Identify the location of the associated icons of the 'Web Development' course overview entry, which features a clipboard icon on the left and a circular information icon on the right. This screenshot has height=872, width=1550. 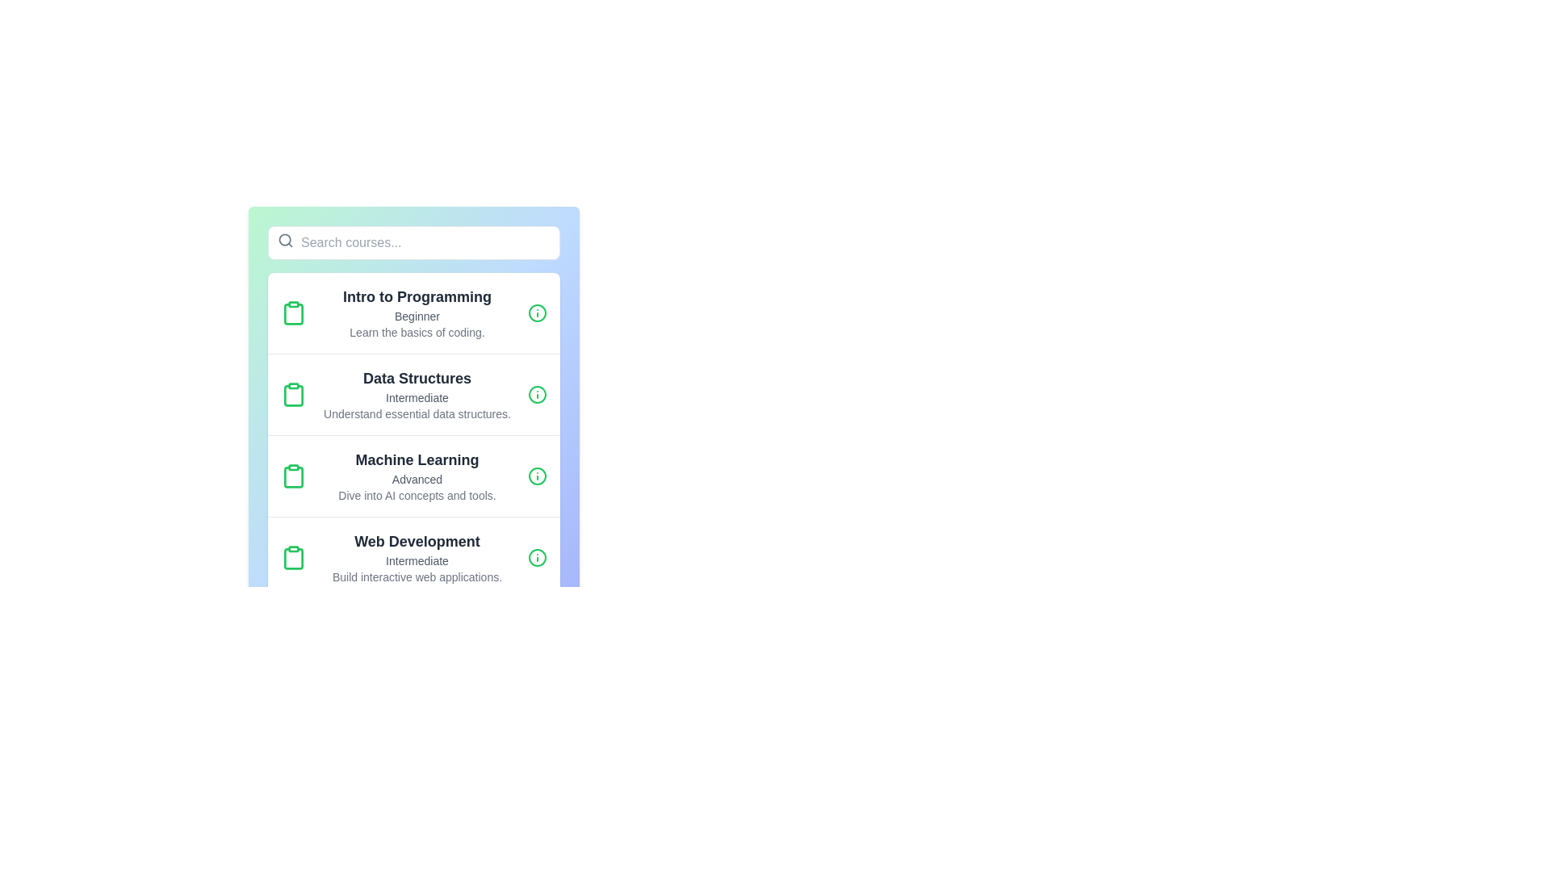
(414, 556).